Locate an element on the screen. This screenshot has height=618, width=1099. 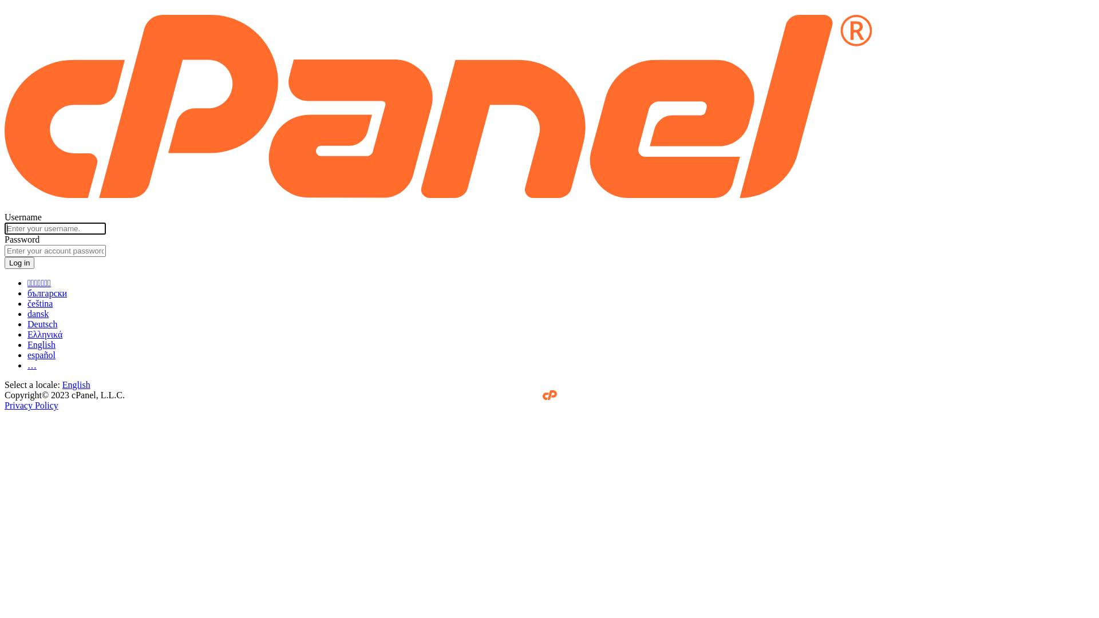
'Privacy Policy' is located at coordinates (31, 405).